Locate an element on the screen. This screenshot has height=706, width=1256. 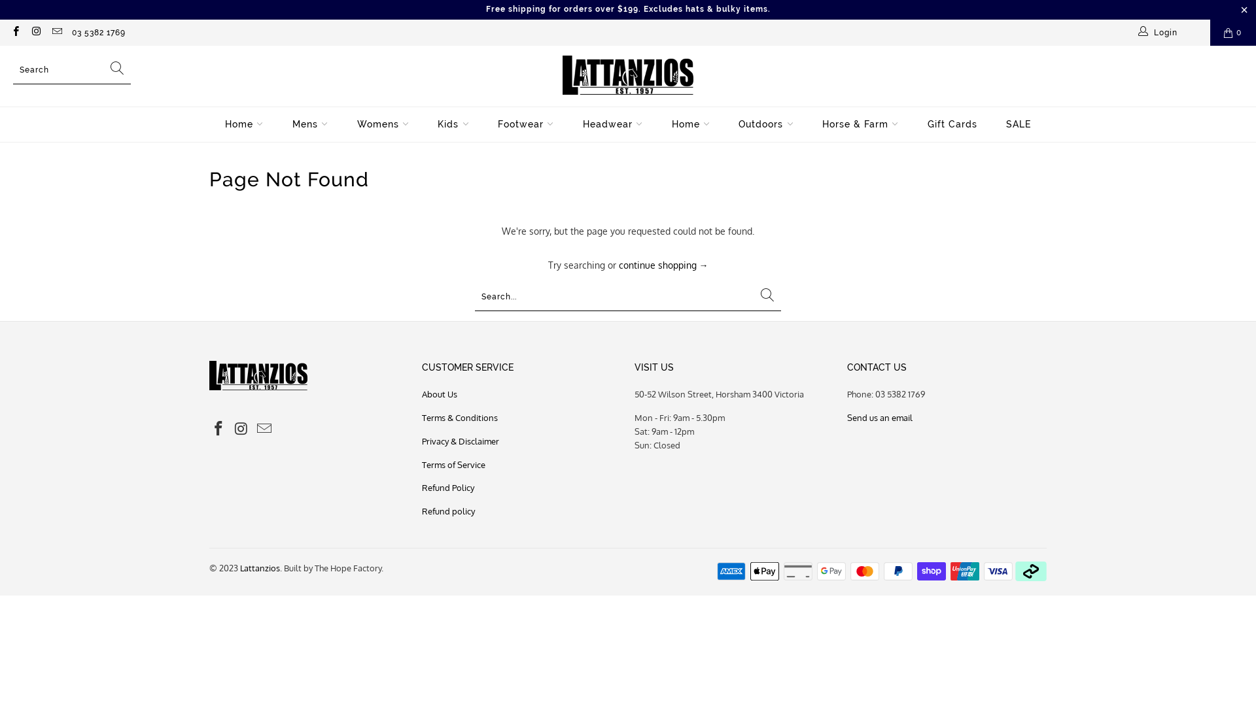
'Womens' is located at coordinates (382, 124).